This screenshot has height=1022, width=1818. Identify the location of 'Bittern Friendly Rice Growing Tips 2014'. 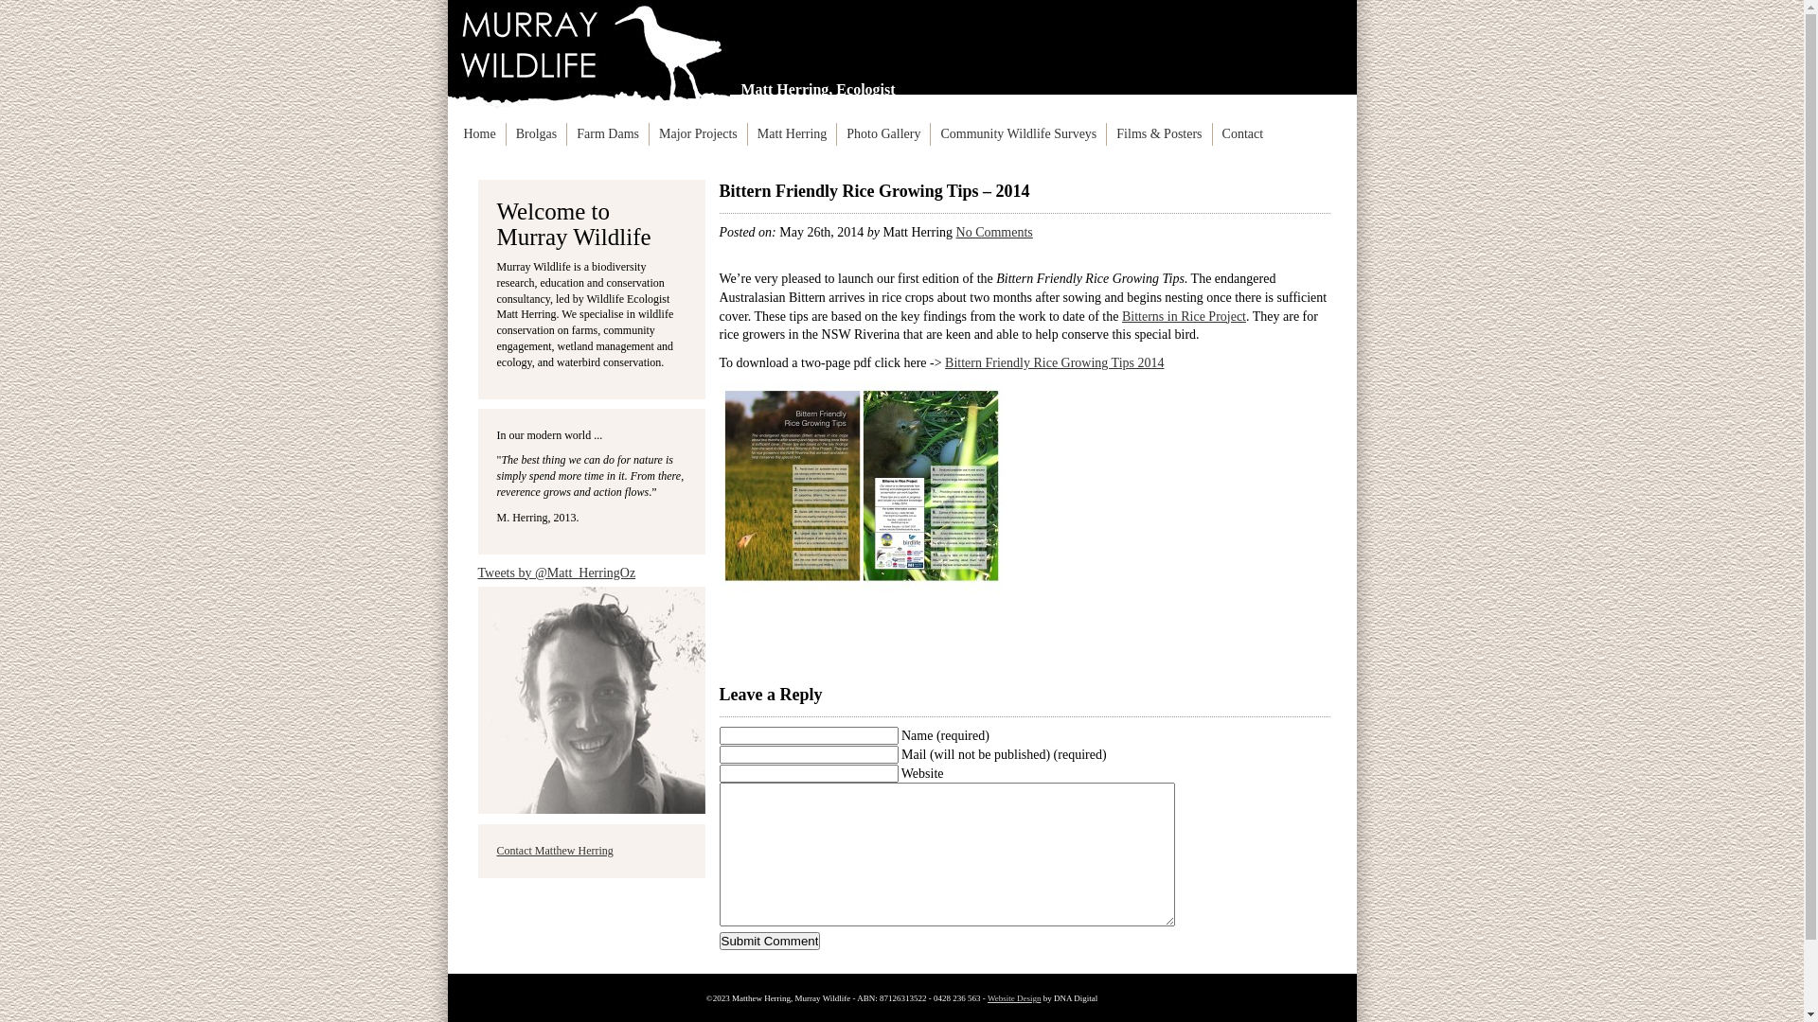
(945, 362).